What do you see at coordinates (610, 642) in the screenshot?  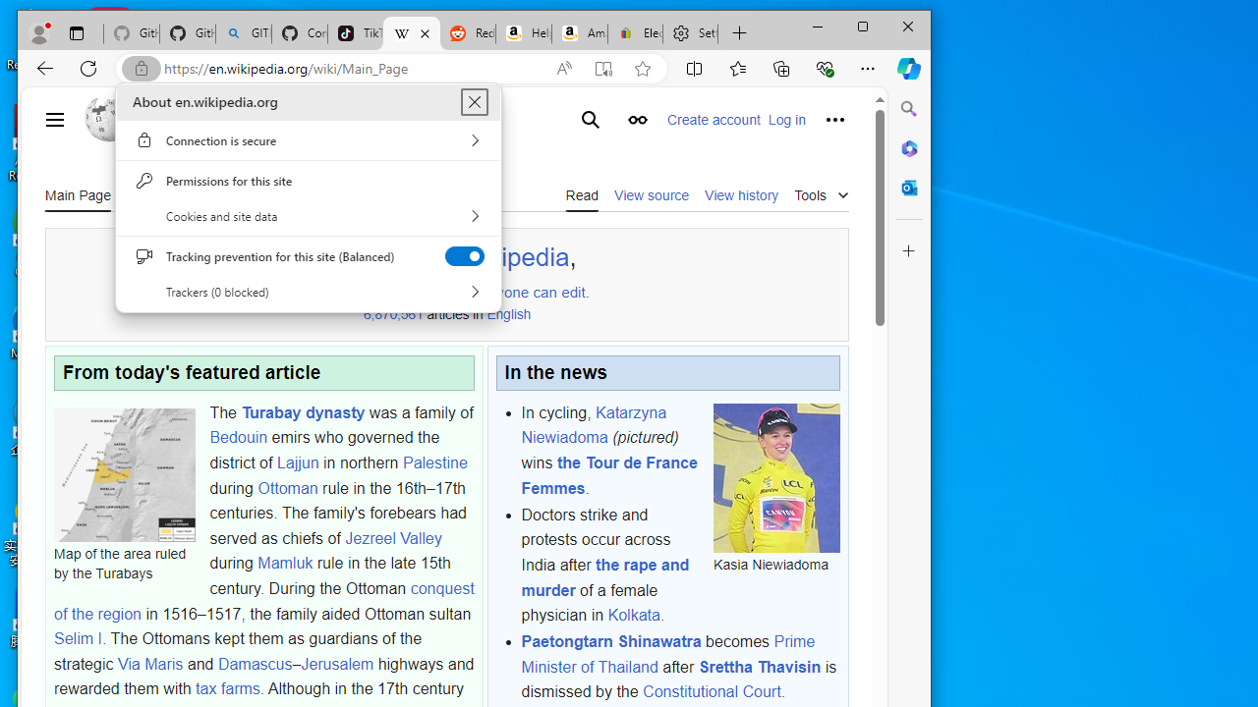 I see `'Paetongtarn Shinawatra'` at bounding box center [610, 642].